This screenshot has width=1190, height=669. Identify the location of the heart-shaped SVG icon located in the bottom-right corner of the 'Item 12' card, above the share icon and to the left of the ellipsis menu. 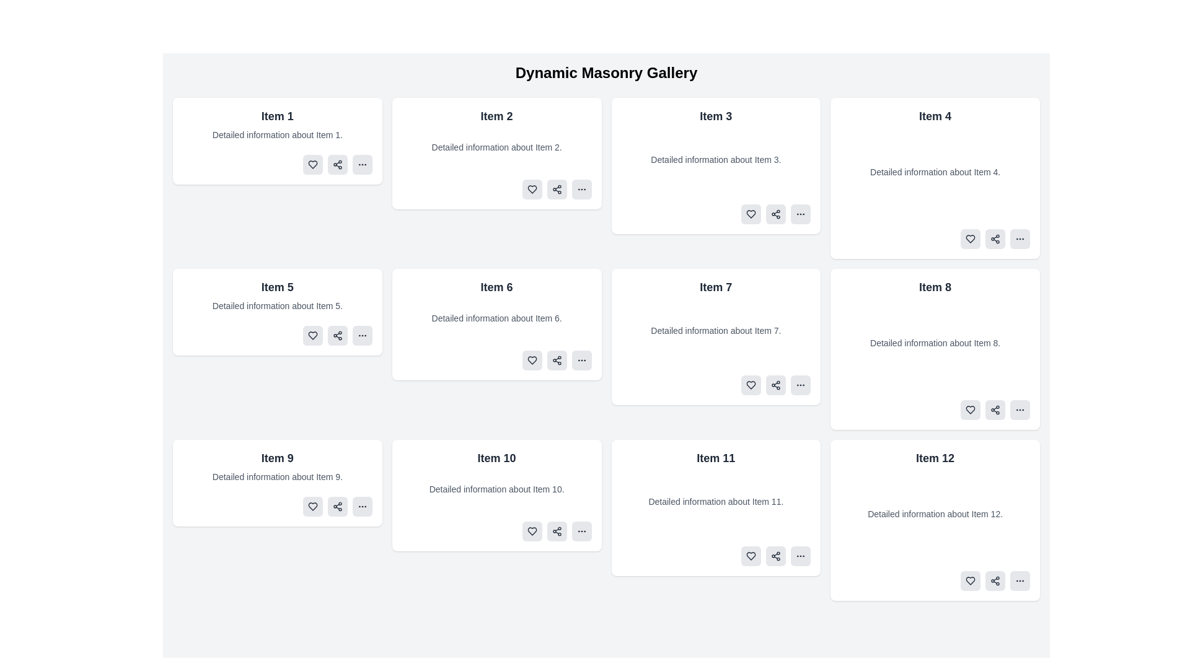
(969, 580).